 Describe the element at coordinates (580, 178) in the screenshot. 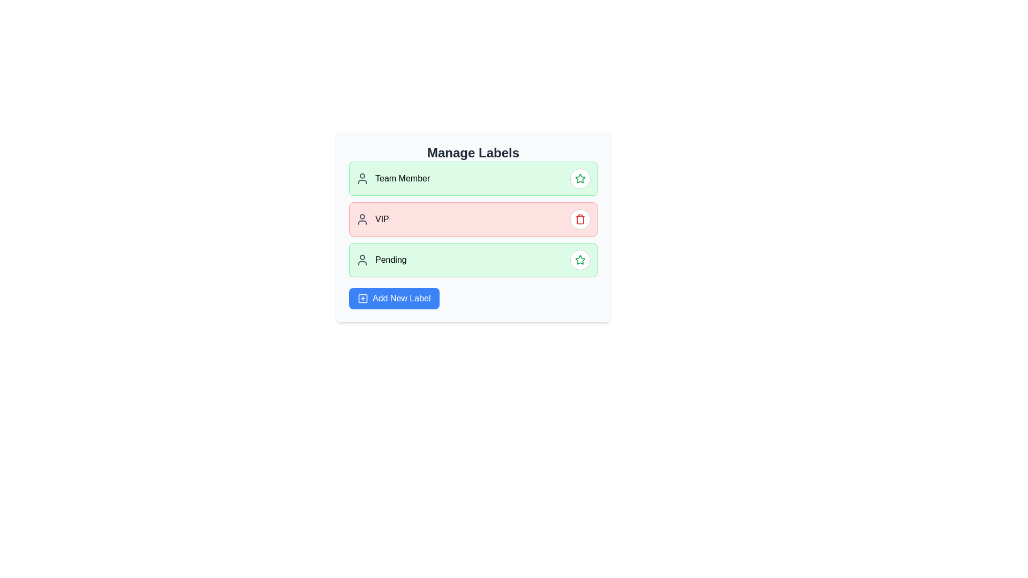

I see `the circular button with a green star icon located in the 'Team Member' section` at that location.